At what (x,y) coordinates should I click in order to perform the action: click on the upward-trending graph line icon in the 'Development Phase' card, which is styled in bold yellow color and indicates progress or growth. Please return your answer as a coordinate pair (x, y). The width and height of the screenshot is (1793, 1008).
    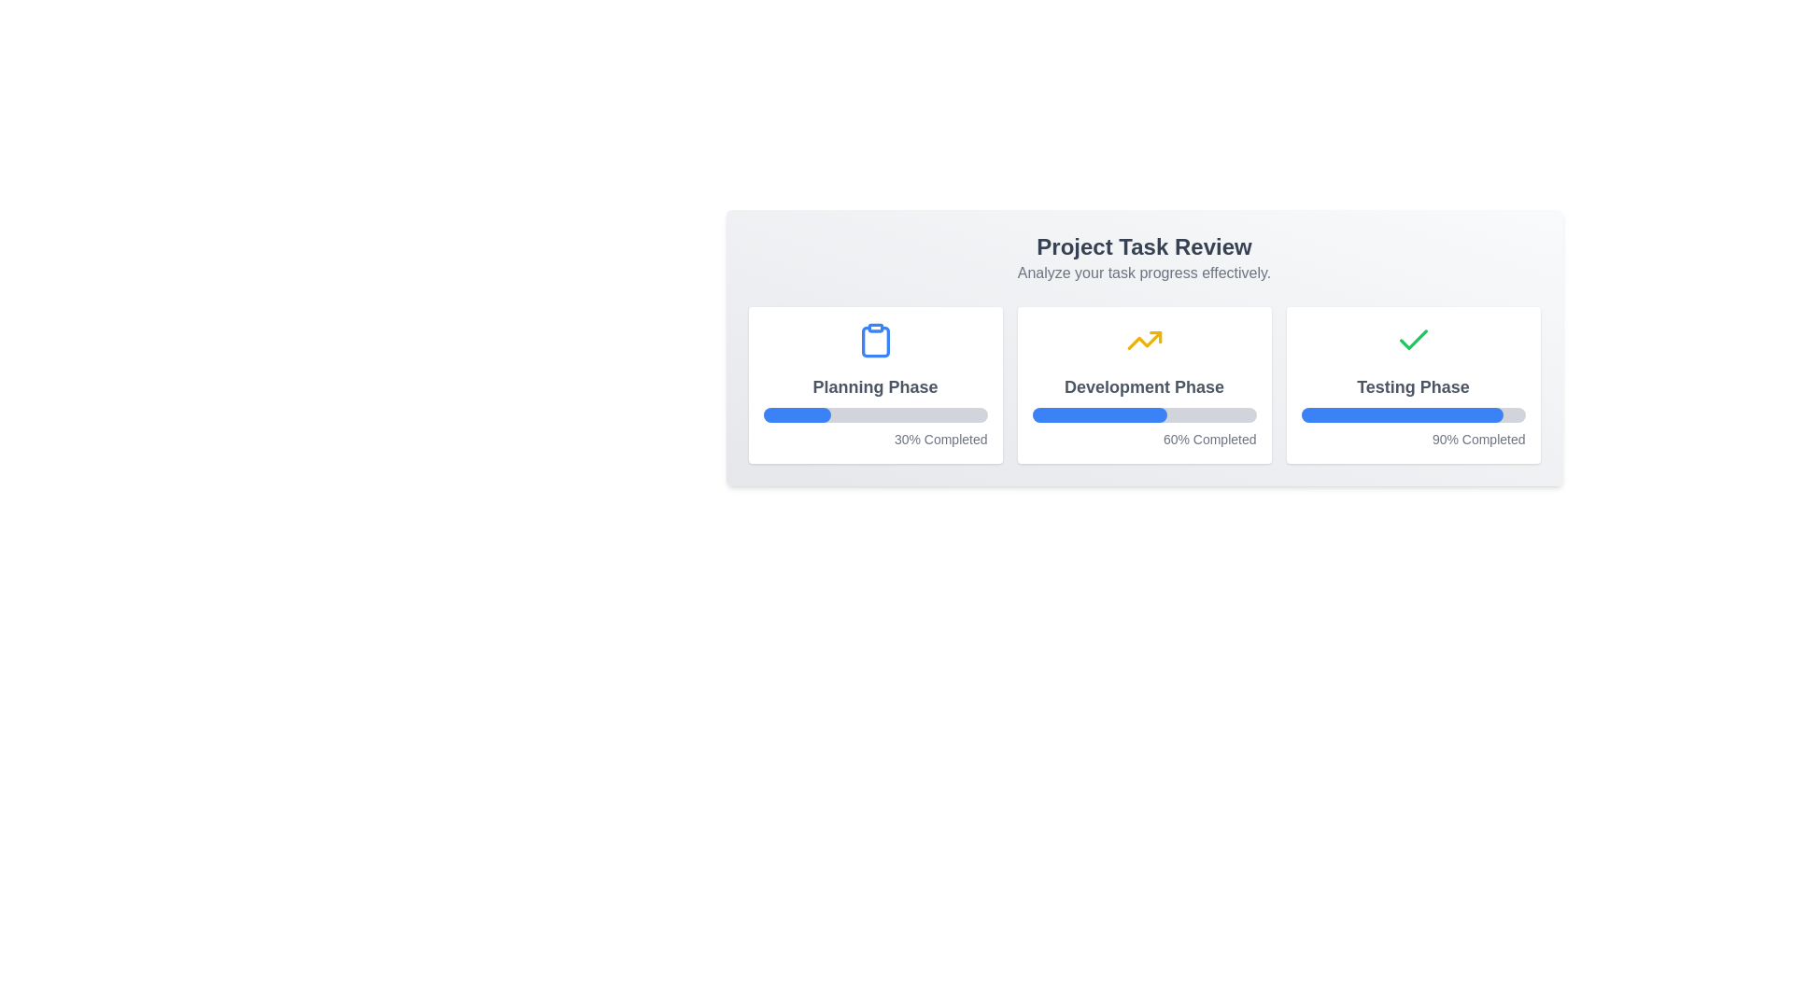
    Looking at the image, I should click on (1143, 341).